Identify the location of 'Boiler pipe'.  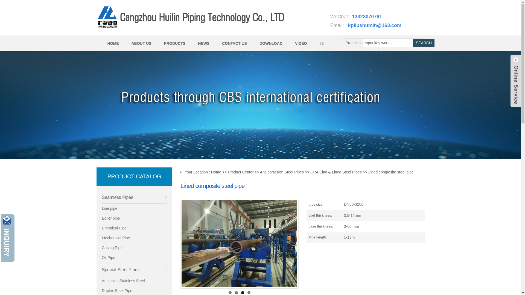
(134, 218).